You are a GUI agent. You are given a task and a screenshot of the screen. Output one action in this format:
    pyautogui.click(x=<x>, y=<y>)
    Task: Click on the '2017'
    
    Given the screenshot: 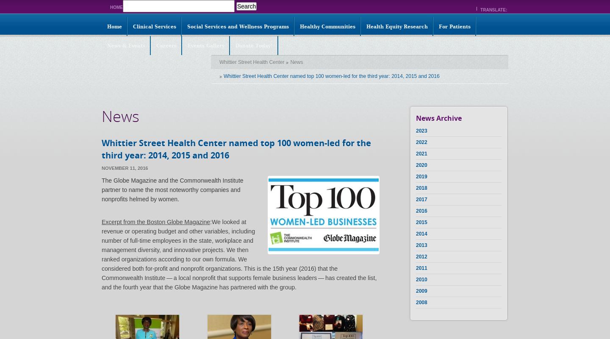 What is the action you would take?
    pyautogui.click(x=415, y=199)
    